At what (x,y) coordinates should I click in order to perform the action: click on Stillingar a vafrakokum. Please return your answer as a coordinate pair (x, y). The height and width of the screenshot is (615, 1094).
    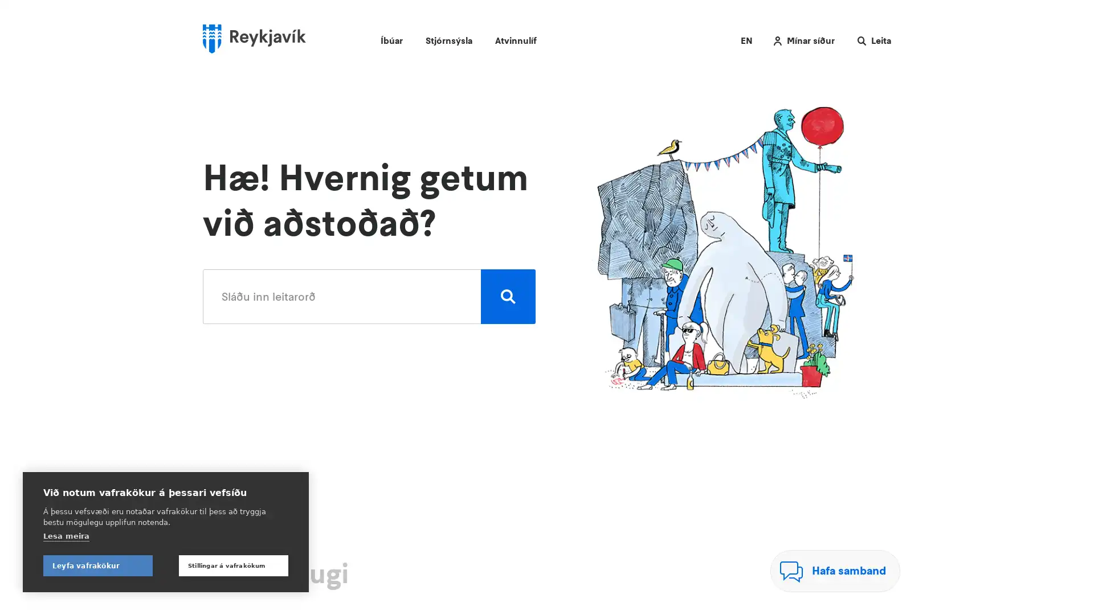
    Looking at the image, I should click on (232, 565).